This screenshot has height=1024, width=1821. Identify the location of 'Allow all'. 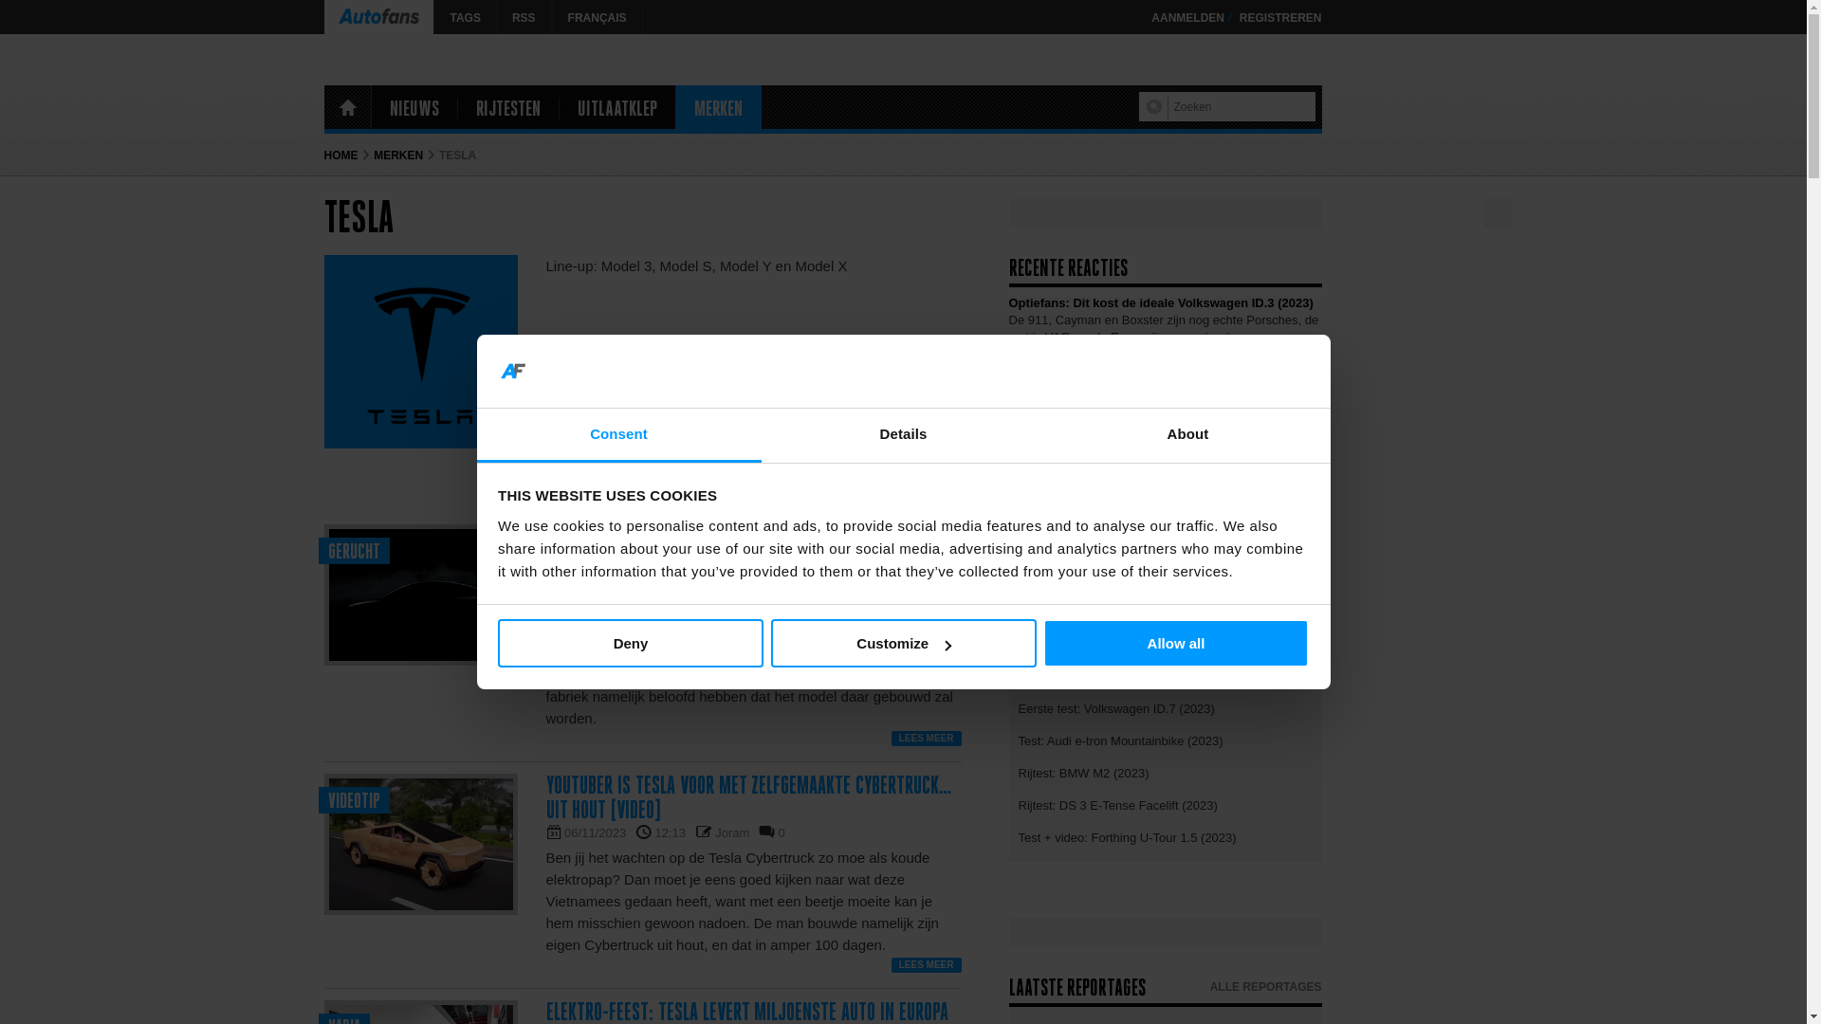
(1041, 642).